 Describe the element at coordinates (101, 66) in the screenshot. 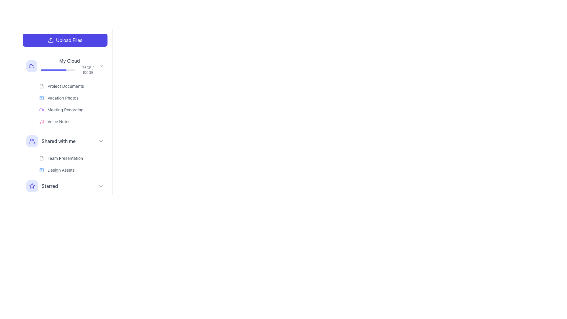

I see `the minimalist rightward-pointing chevron icon located at the far-right of the 'My Cloud' row` at that location.